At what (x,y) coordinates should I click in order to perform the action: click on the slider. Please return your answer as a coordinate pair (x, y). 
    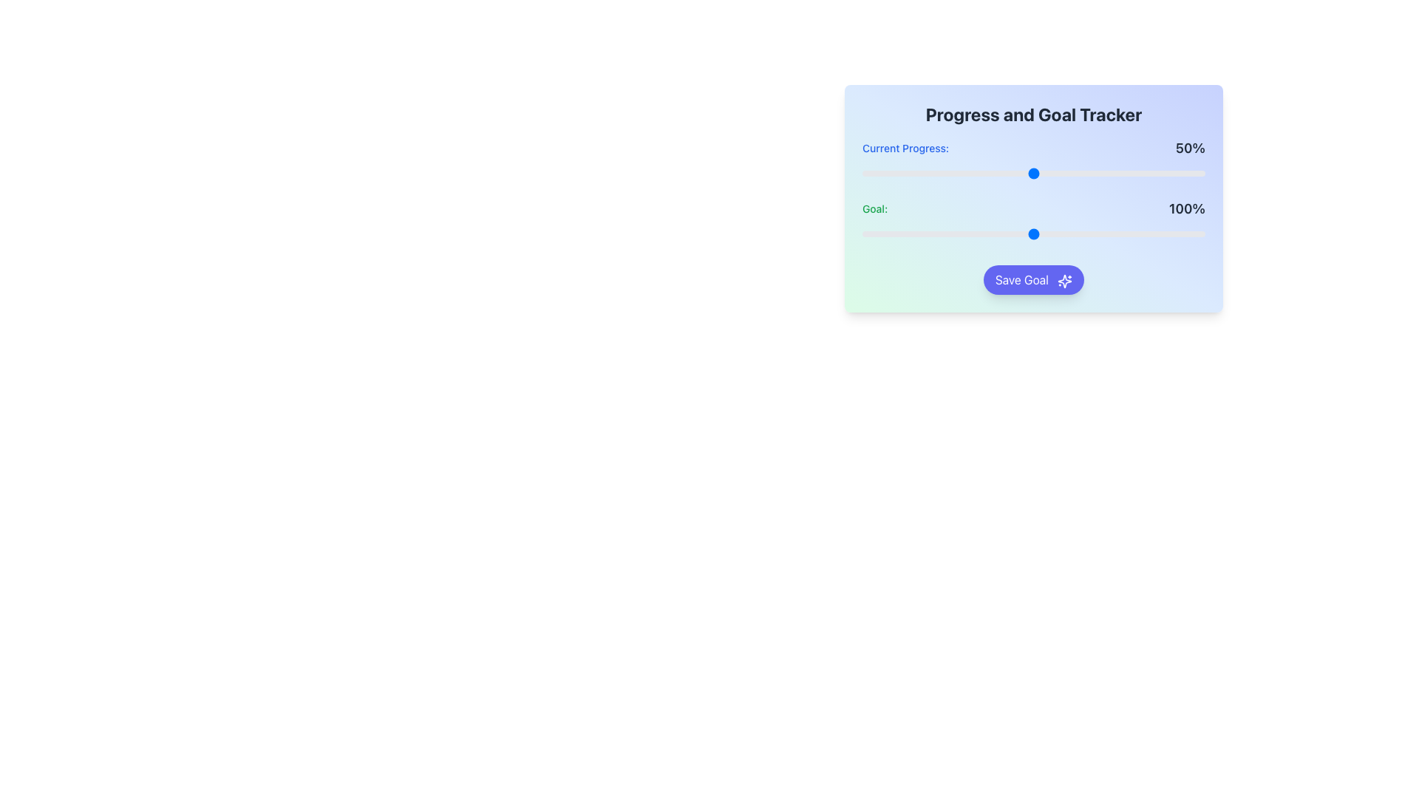
    Looking at the image, I should click on (1075, 173).